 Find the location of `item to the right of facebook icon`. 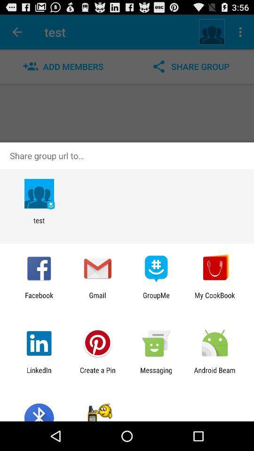

item to the right of facebook icon is located at coordinates (97, 299).